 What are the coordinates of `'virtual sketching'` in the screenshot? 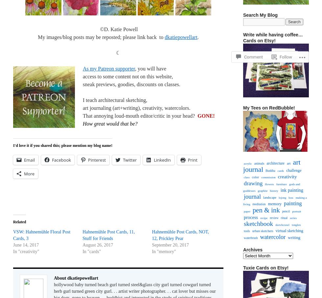 It's located at (289, 230).